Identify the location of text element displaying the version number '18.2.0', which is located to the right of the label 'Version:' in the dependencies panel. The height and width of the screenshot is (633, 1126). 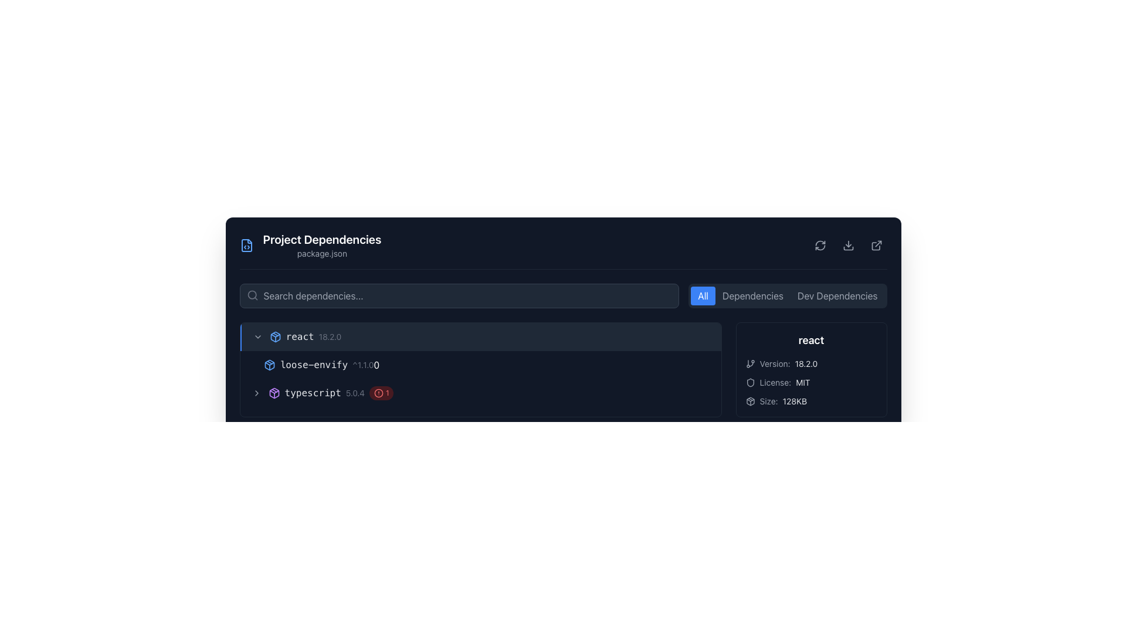
(805, 363).